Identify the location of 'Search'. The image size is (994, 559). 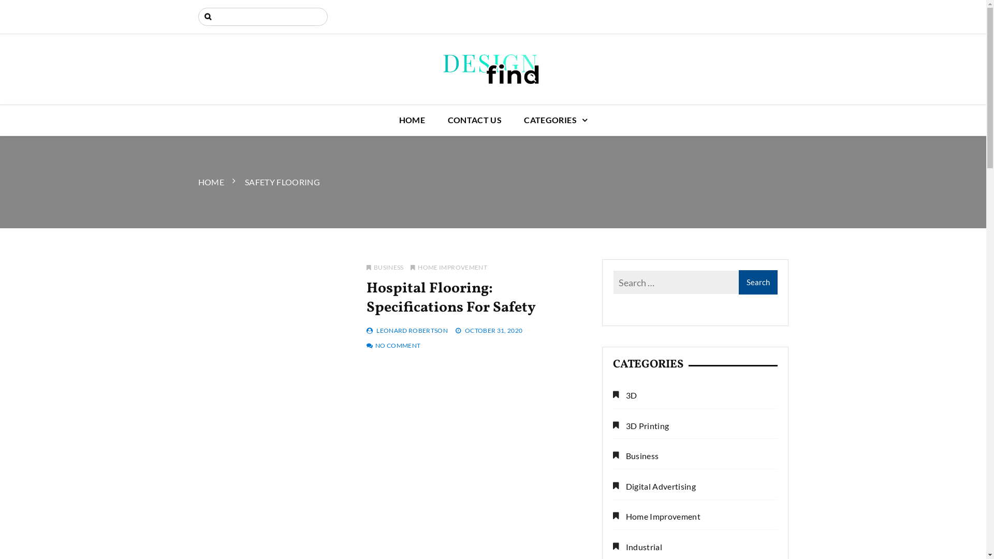
(757, 282).